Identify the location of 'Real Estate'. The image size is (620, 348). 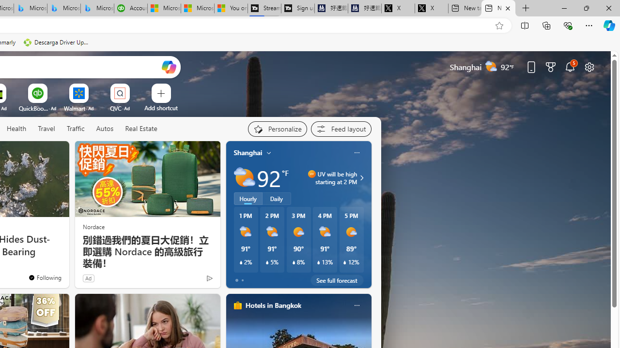
(140, 129).